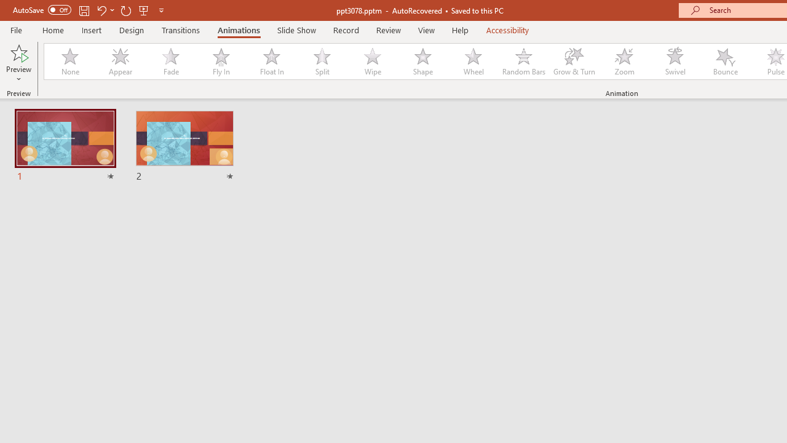 The width and height of the screenshot is (787, 443). What do you see at coordinates (16, 29) in the screenshot?
I see `'File Tab'` at bounding box center [16, 29].